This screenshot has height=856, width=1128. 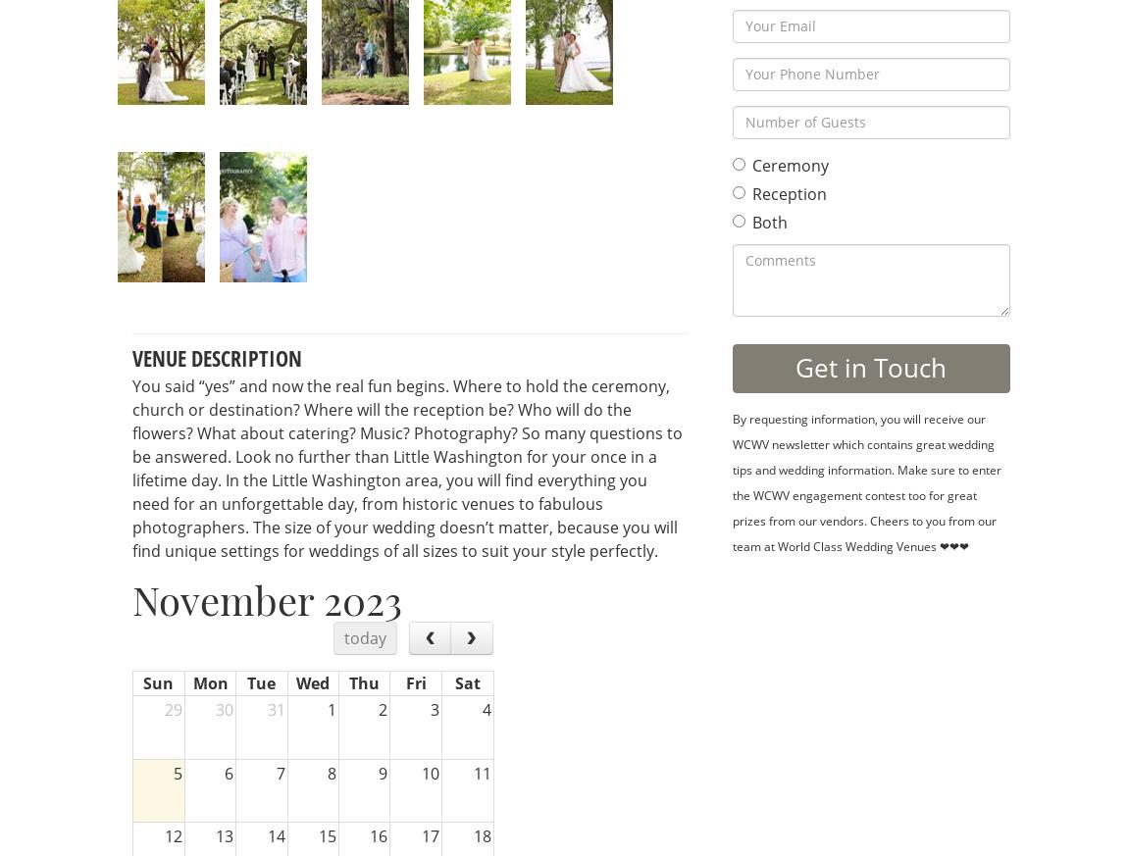 What do you see at coordinates (430, 708) in the screenshot?
I see `'3'` at bounding box center [430, 708].